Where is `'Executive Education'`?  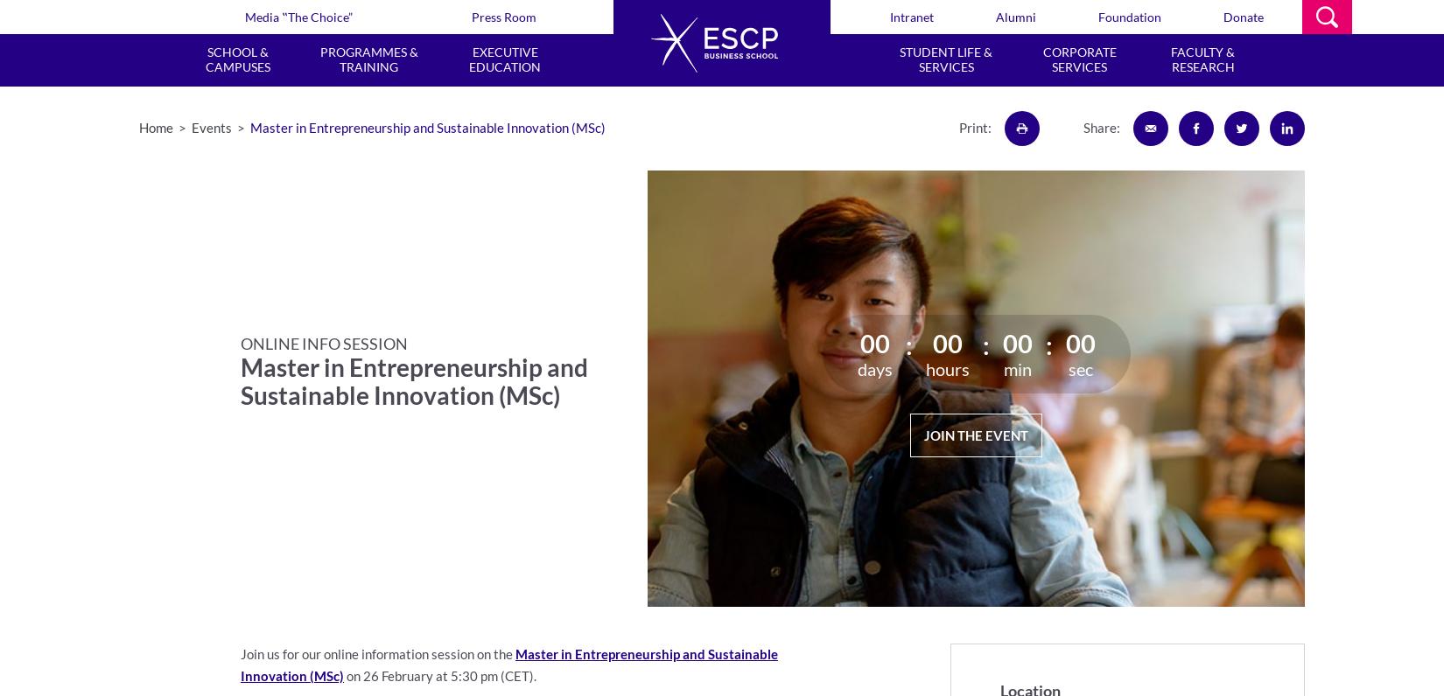
'Executive Education' is located at coordinates (504, 58).